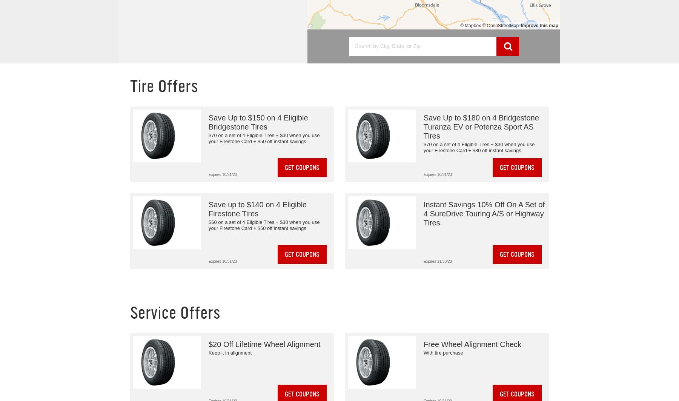 The image size is (679, 401). I want to click on 'Tire Offers', so click(164, 86).